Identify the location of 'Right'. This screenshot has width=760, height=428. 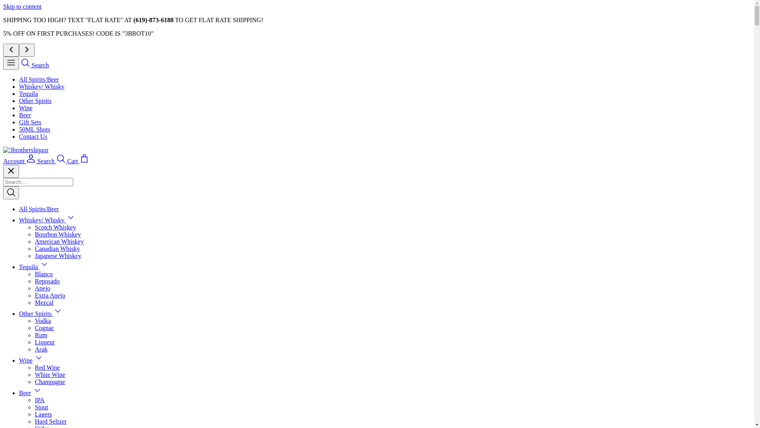
(27, 50).